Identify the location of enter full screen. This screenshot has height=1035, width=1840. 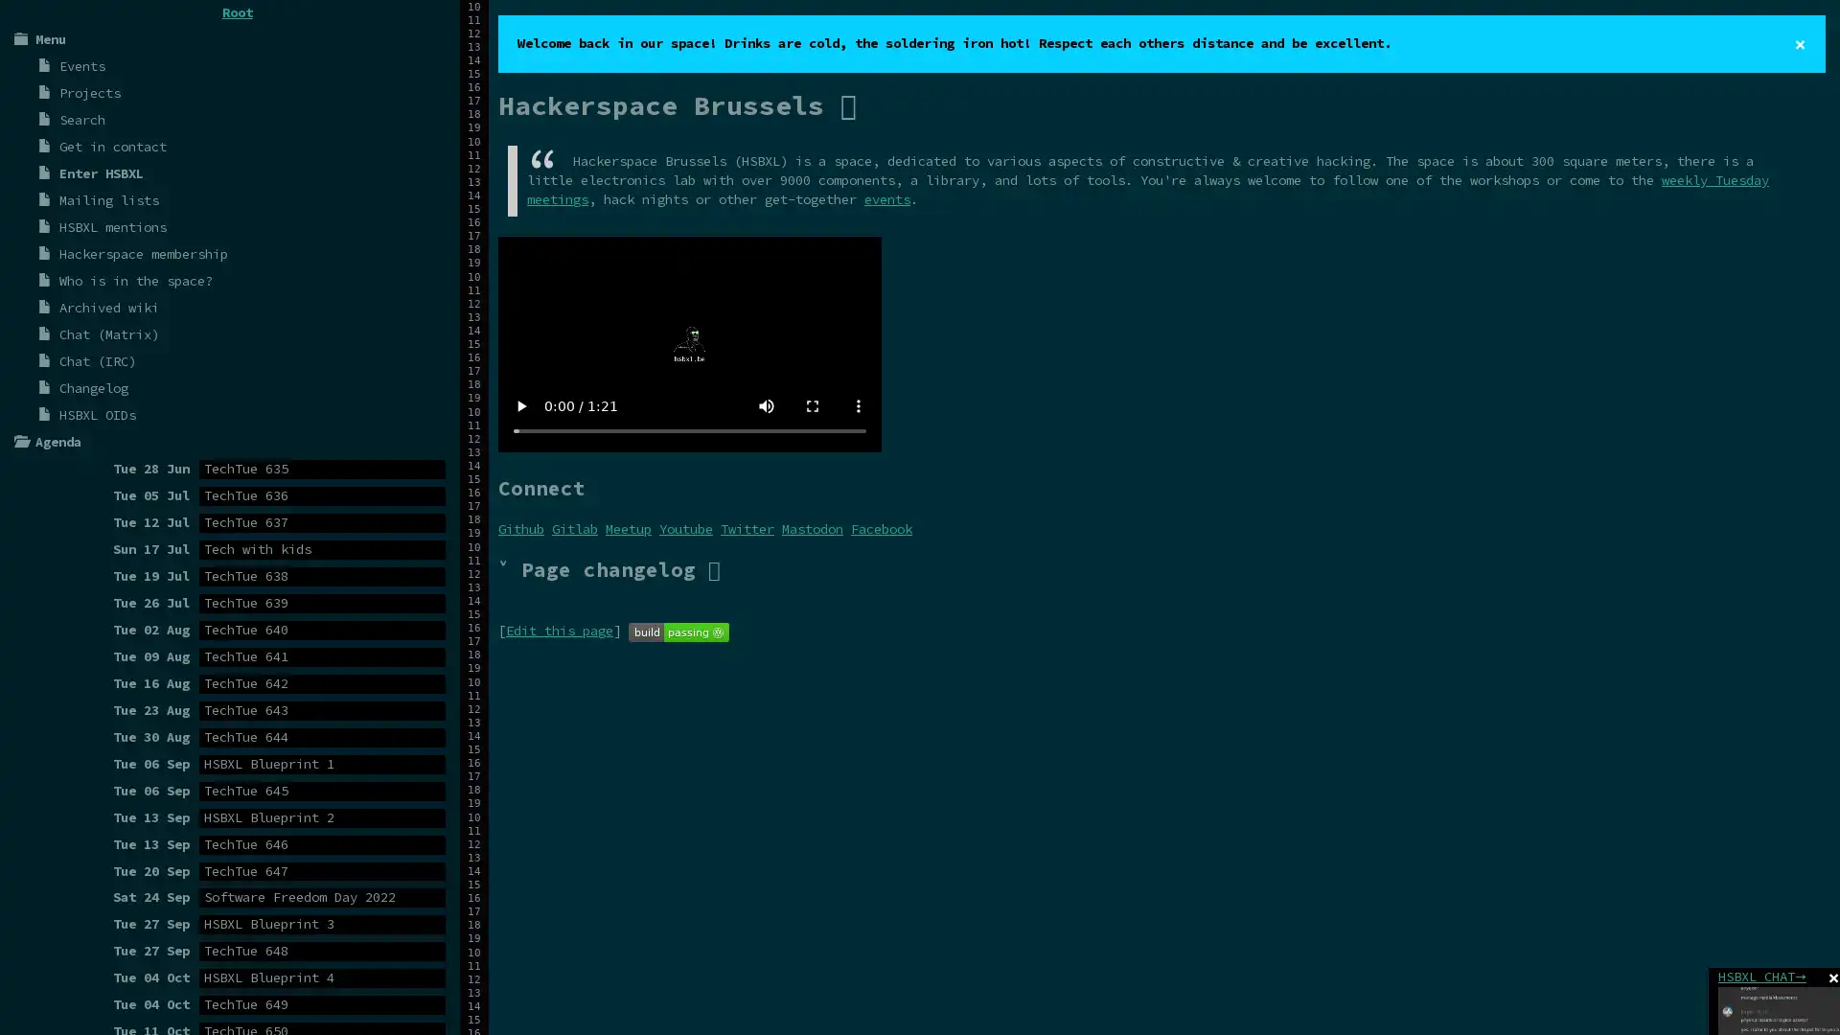
(813, 404).